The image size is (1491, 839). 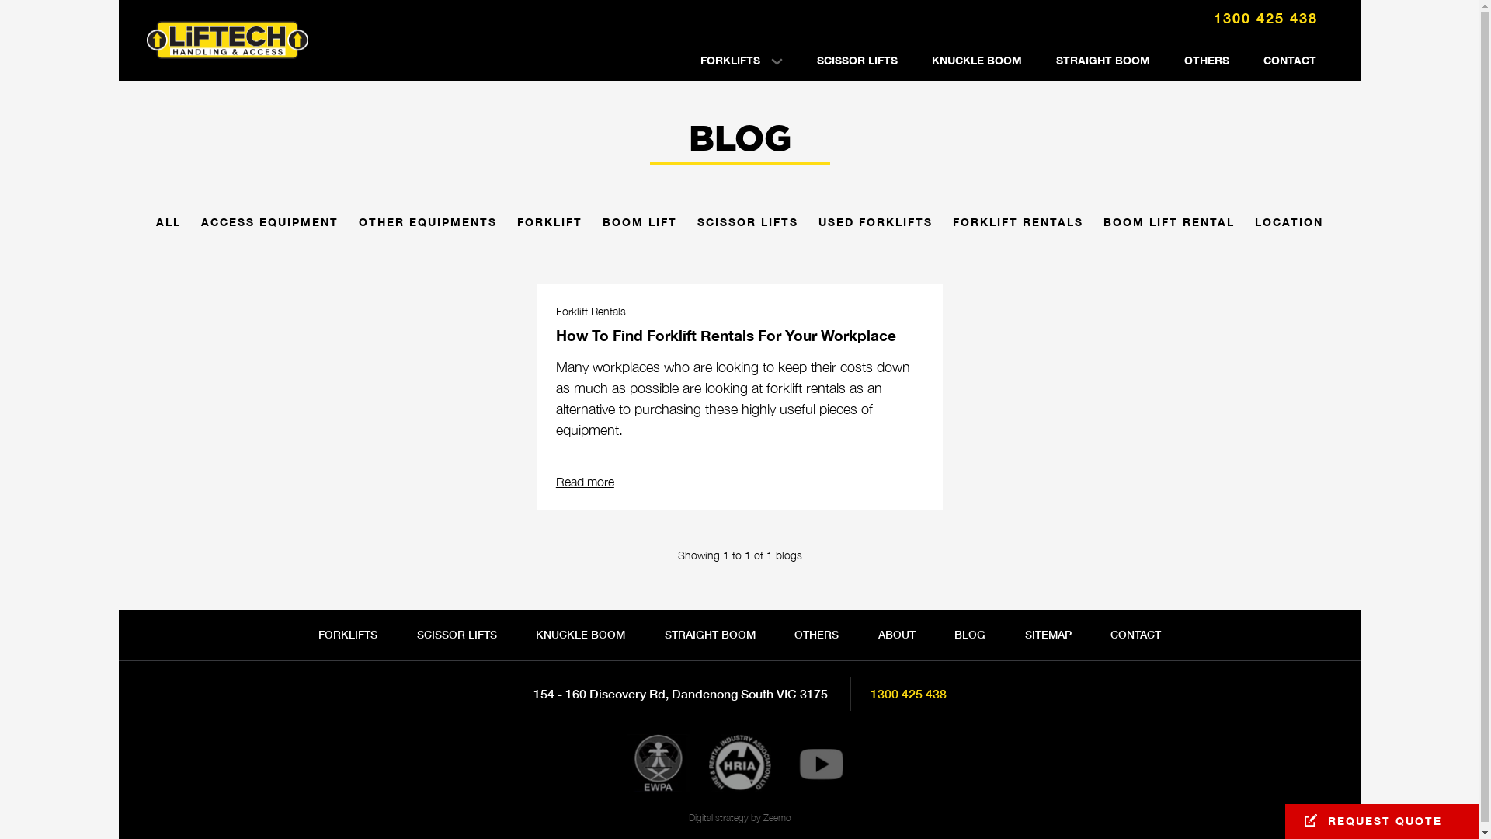 I want to click on 'LOCATION', so click(x=1289, y=225).